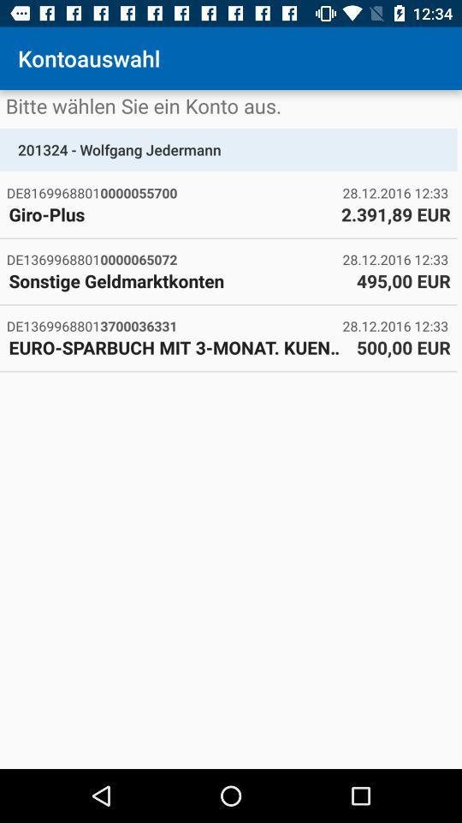 Image resolution: width=462 pixels, height=823 pixels. What do you see at coordinates (395, 213) in the screenshot?
I see `icon next to the giro-plus` at bounding box center [395, 213].